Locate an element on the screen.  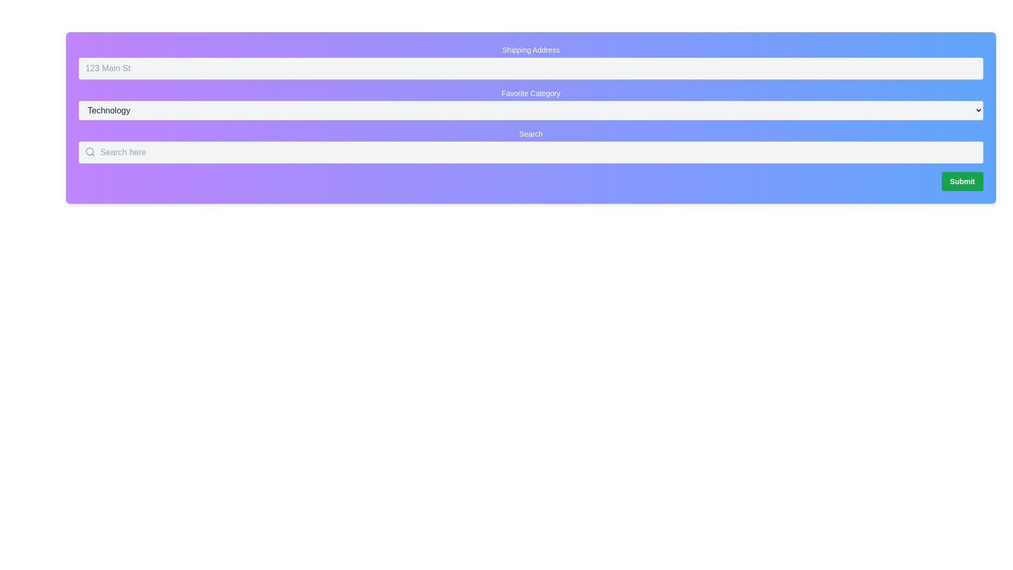
text from the descriptor label indicating the purpose of the dropdown menu located at the top center of the layout, above the dropdown field is located at coordinates (531, 93).